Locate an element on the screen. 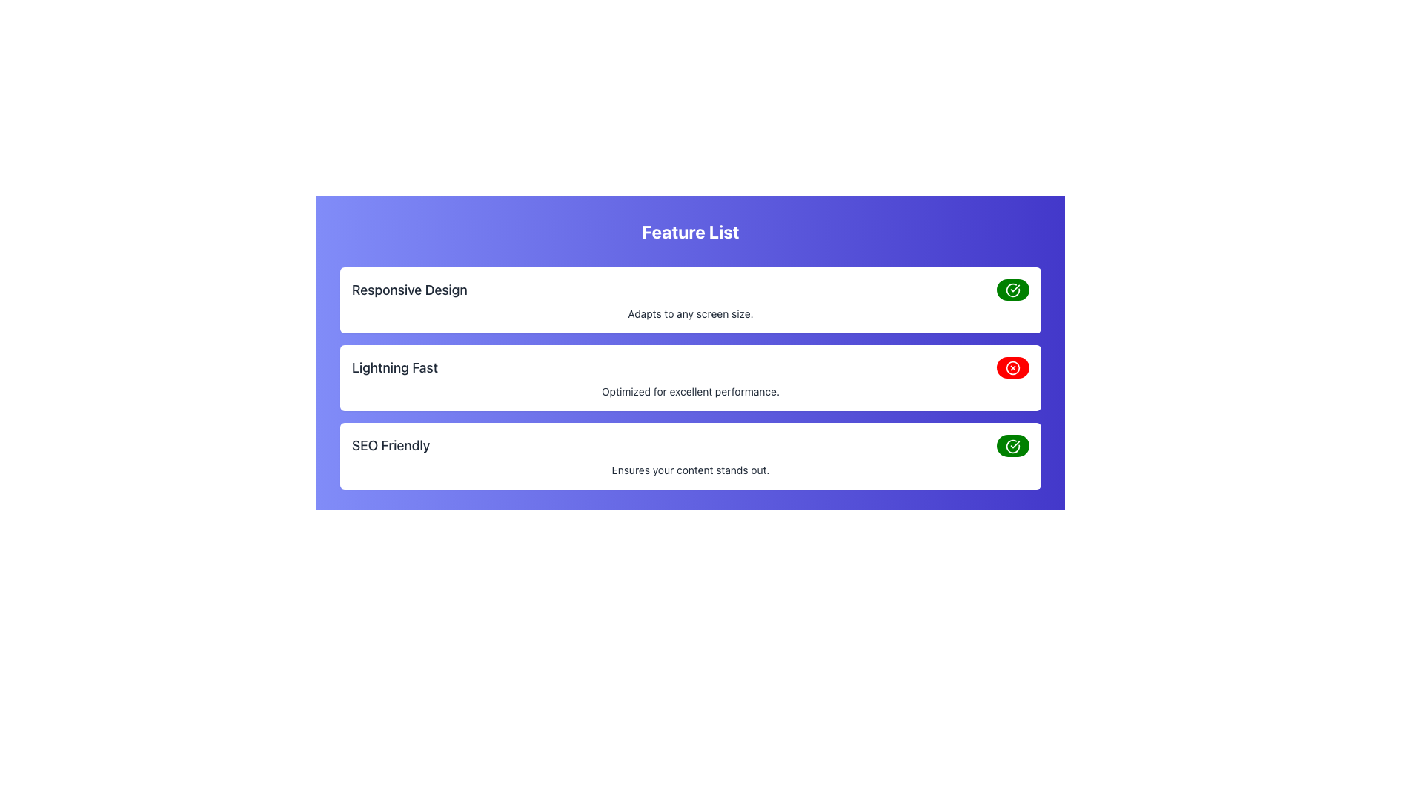 This screenshot has height=800, width=1423. the status represented by the red circular icon with a white cross inside, indicating a negative or inactive status, located next to the text 'Lightning Fast.' is located at coordinates (1012, 367).